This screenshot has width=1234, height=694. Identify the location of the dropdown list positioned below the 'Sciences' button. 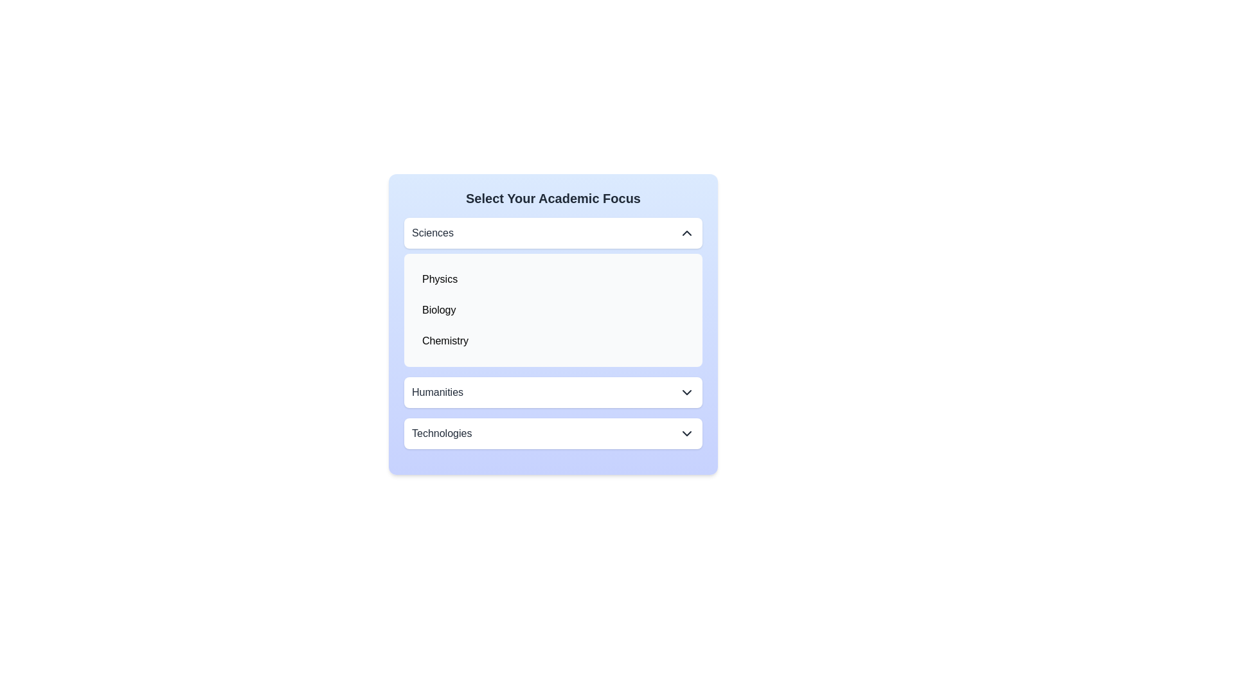
(553, 310).